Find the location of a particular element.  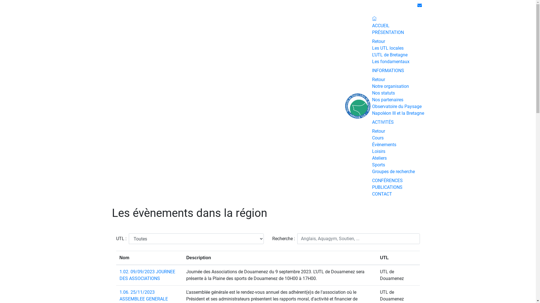

'PUBLICATIONS' is located at coordinates (387, 187).